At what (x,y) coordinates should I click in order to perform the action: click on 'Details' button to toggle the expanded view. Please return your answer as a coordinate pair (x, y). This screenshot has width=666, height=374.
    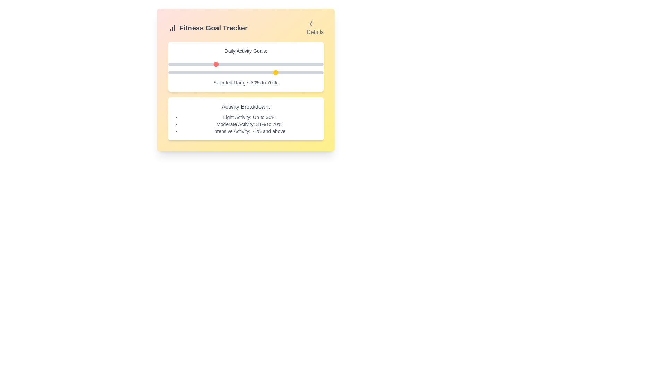
    Looking at the image, I should click on (314, 28).